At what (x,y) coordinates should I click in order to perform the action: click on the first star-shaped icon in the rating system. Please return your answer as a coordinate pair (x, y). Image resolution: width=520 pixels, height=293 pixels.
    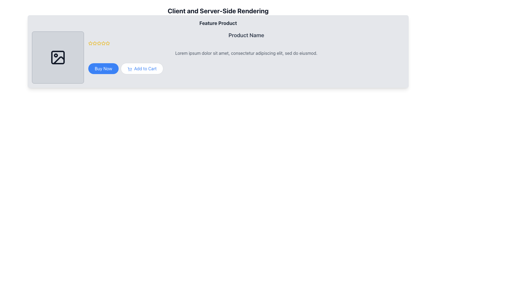
    Looking at the image, I should click on (95, 43).